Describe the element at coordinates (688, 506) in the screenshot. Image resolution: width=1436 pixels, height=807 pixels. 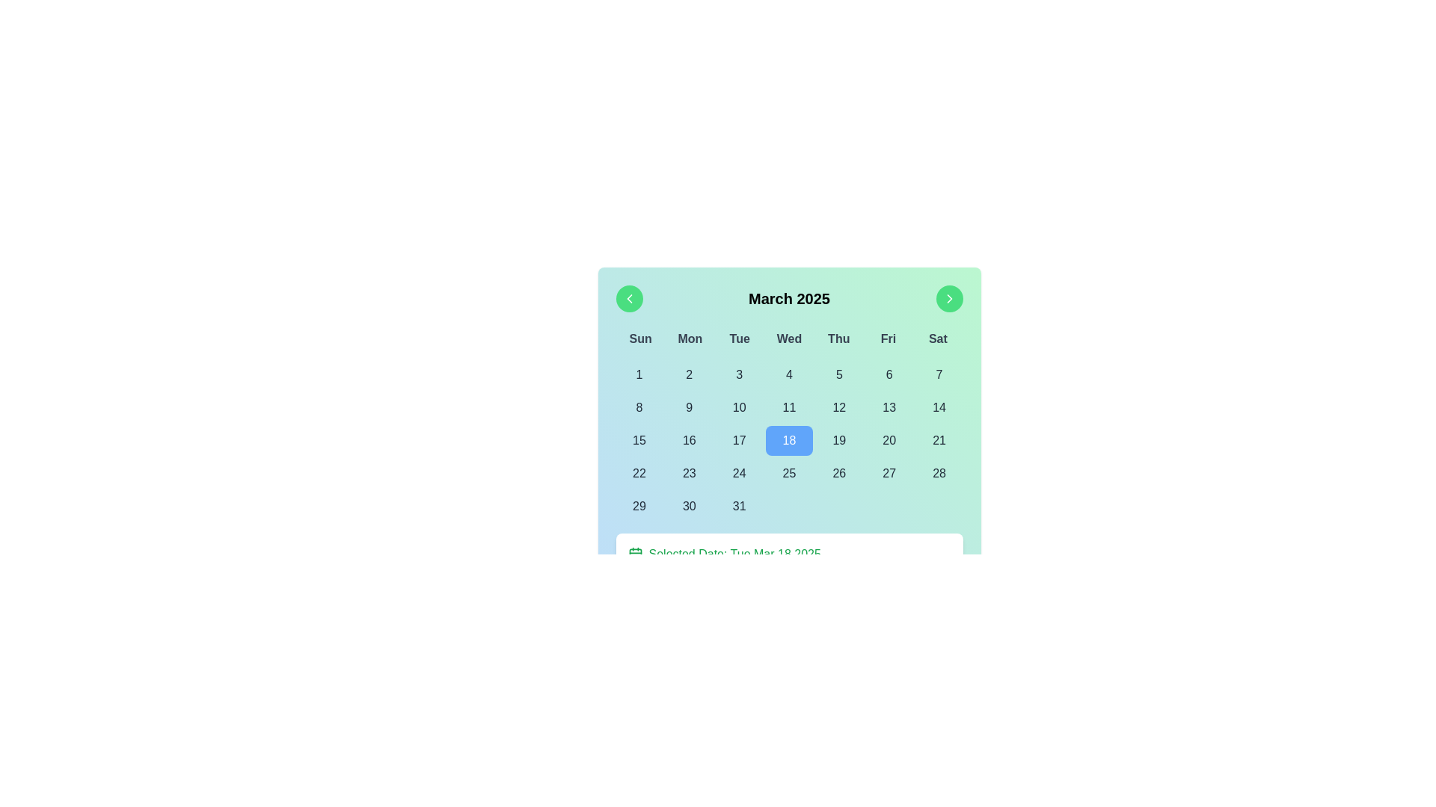
I see `the clickable calendar cell representing the 30th day of the month, located at the bottom-right of the calendar interface` at that location.